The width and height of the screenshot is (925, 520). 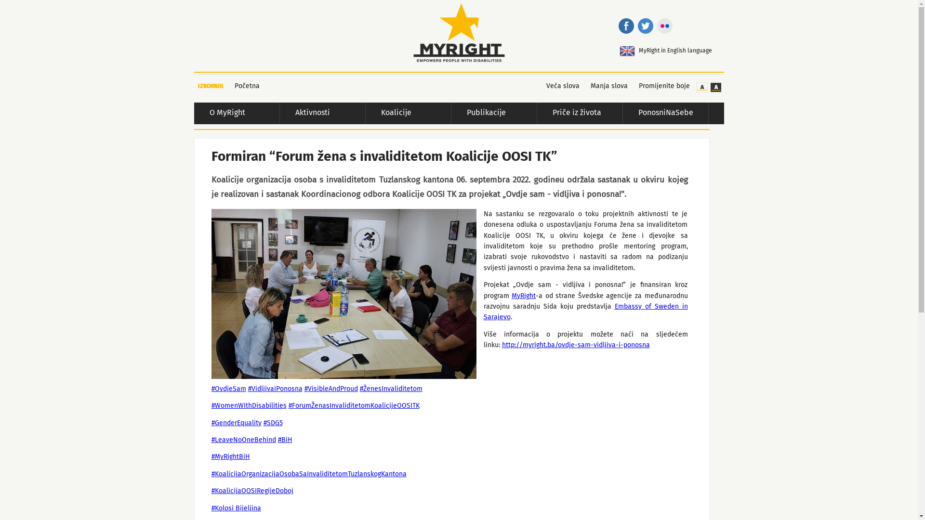 What do you see at coordinates (694, 116) in the screenshot?
I see `'Kraj glavnog izbornika'` at bounding box center [694, 116].